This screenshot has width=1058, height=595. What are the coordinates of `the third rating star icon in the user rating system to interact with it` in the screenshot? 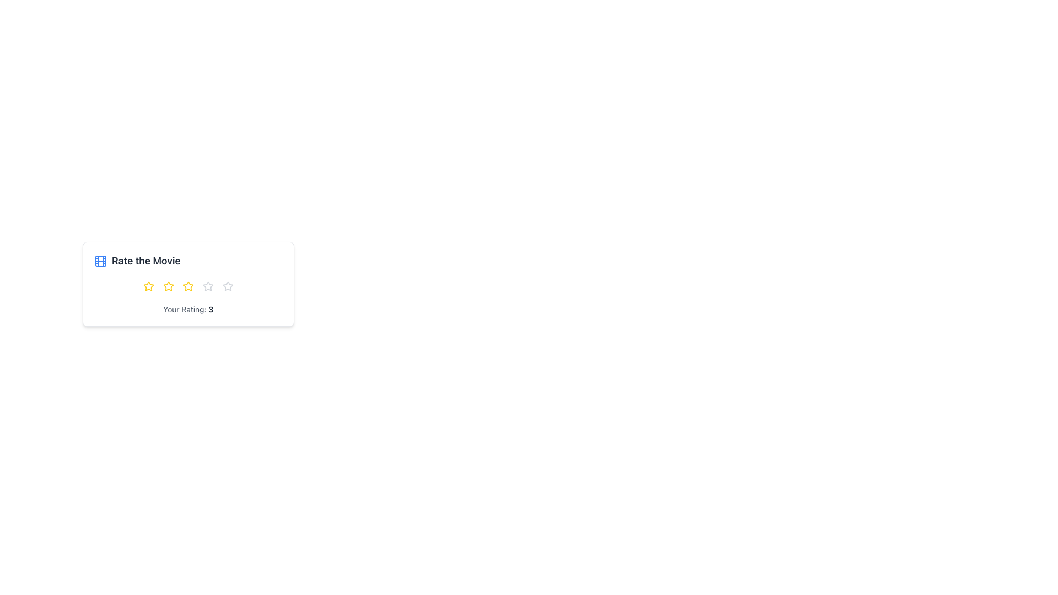 It's located at (168, 286).